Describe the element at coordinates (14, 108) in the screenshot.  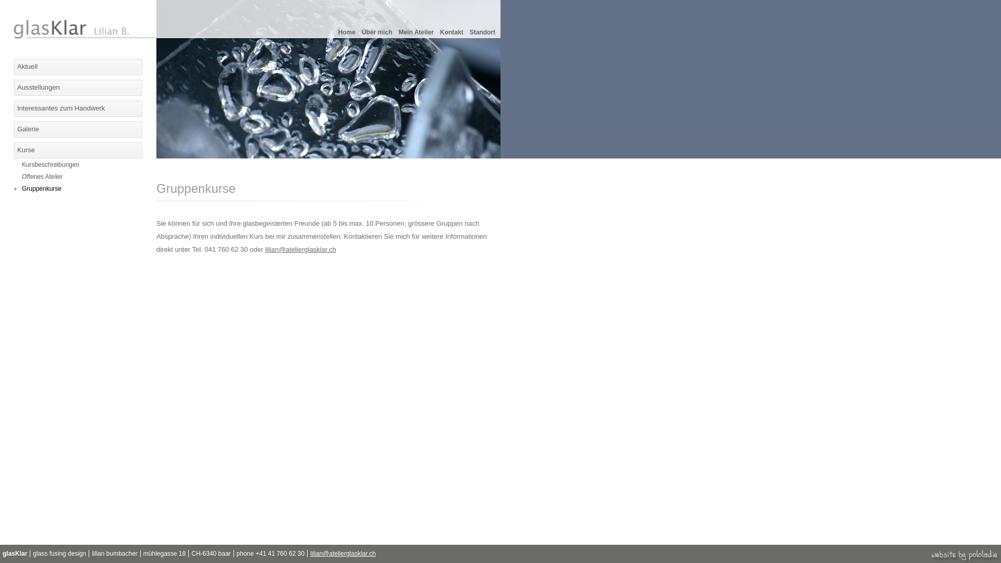
I see `'Interessantes zum Handwerk'` at that location.